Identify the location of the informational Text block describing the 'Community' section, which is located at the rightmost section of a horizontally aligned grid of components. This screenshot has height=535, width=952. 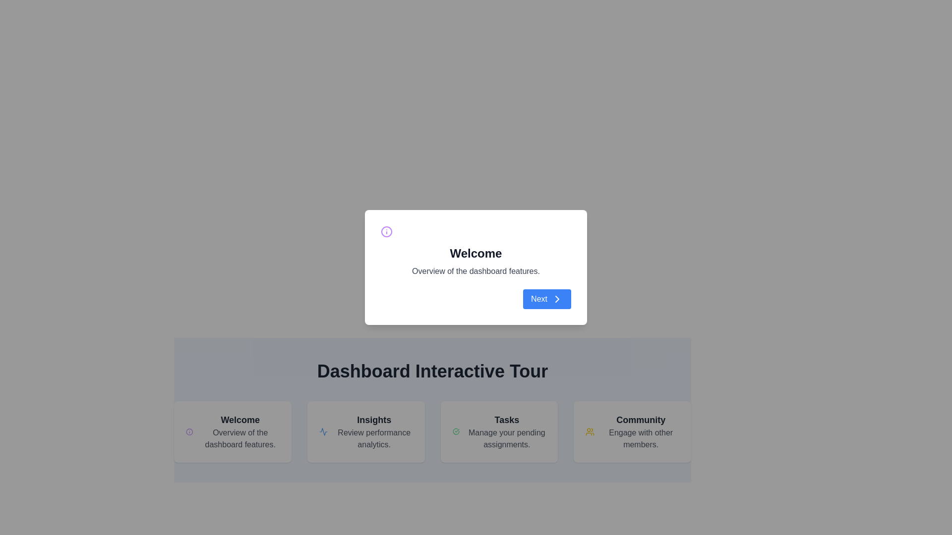
(641, 431).